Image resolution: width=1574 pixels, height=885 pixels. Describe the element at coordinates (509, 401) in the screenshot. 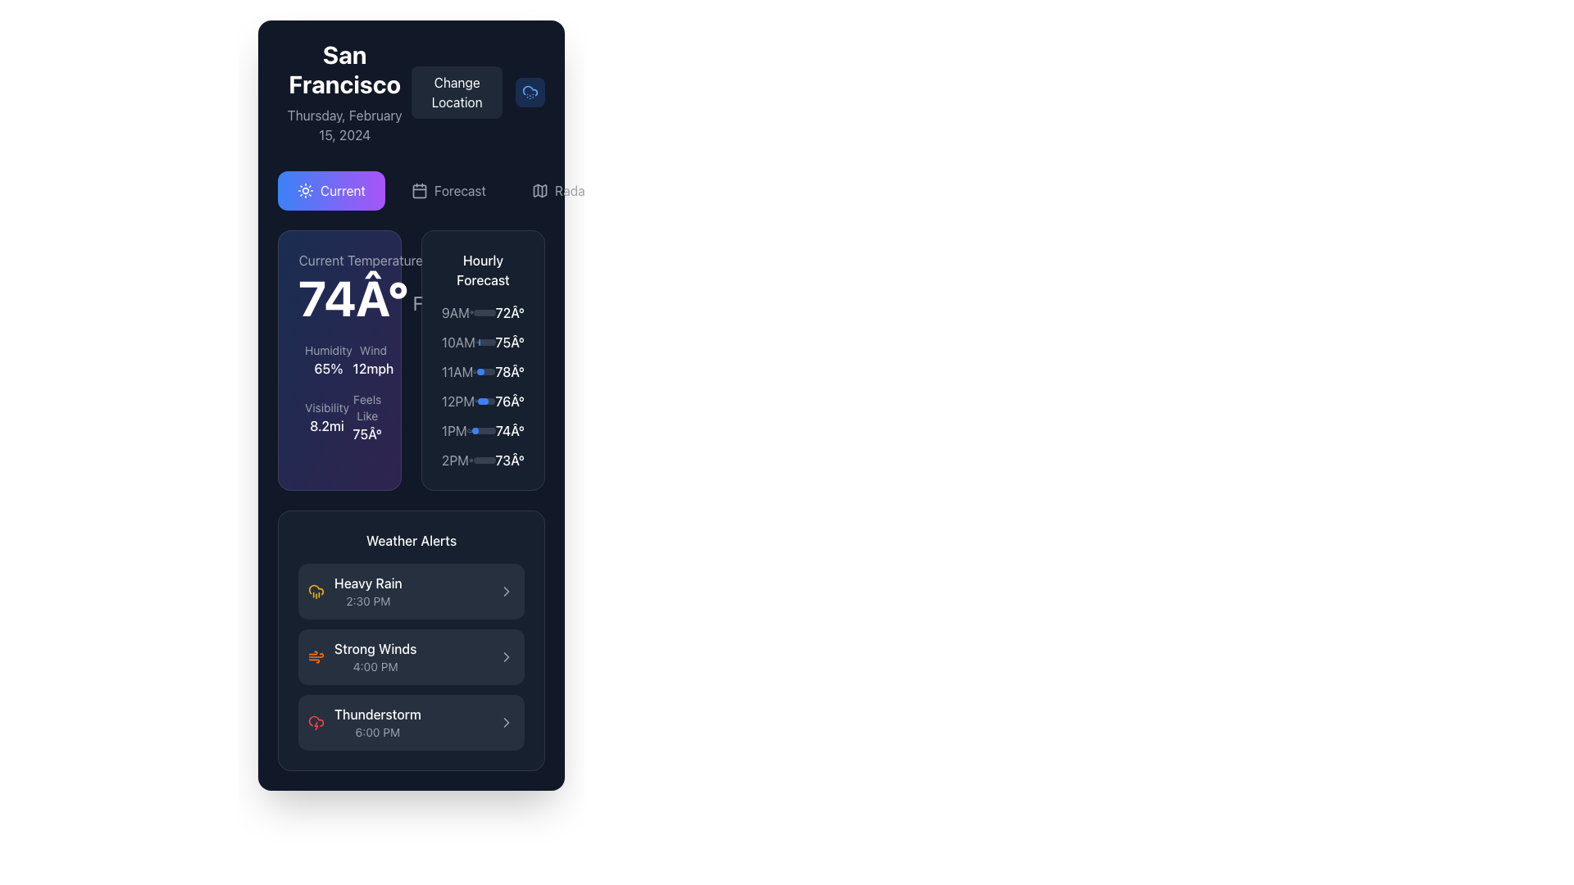

I see `the temperature display showing '76Â°' in white text, which is the rightmost element under the '12PM' label in the hourly forecast section of the weather application` at that location.